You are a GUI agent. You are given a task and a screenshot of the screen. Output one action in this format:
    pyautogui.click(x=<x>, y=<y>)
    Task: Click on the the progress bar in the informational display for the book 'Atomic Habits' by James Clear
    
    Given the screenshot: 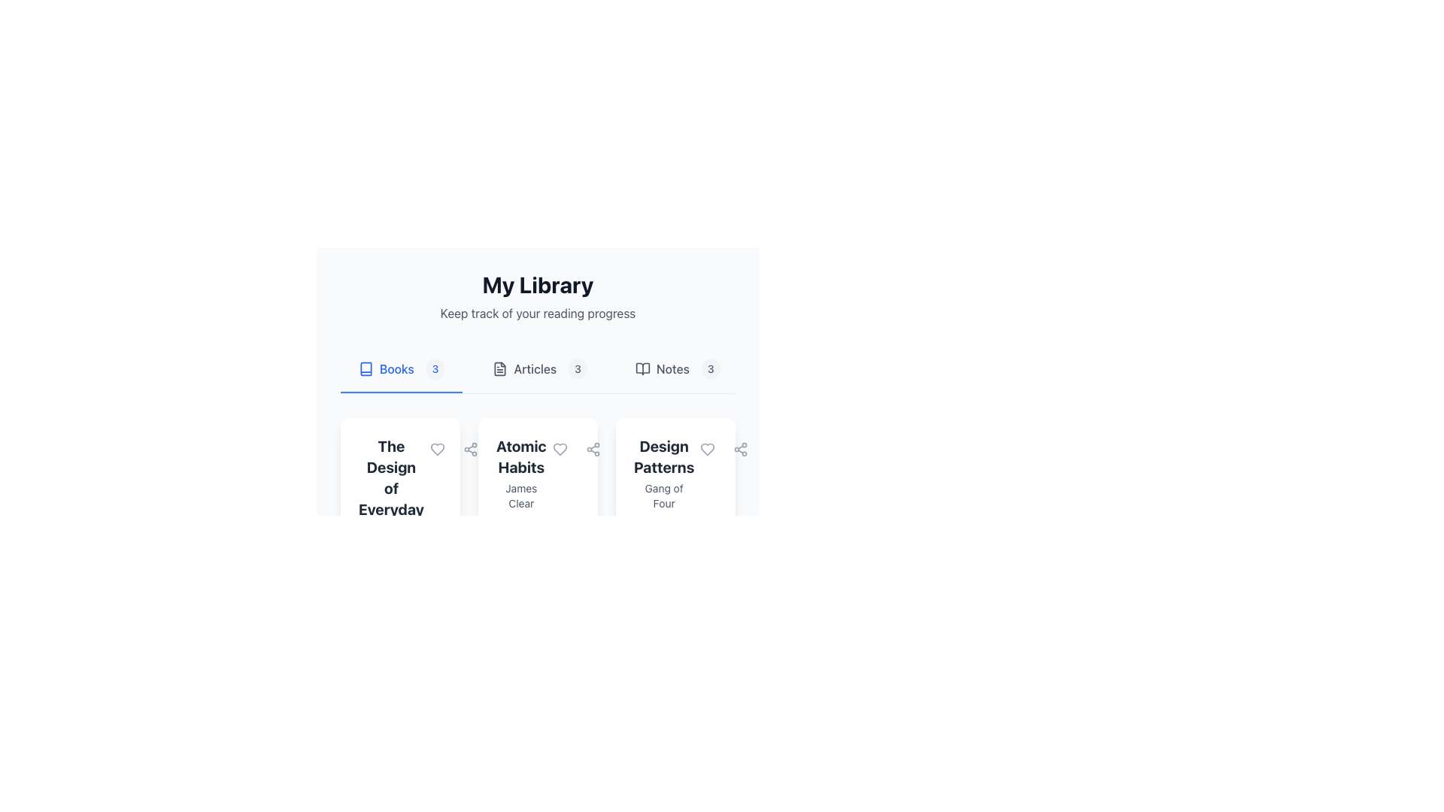 What is the action you would take?
    pyautogui.click(x=538, y=535)
    